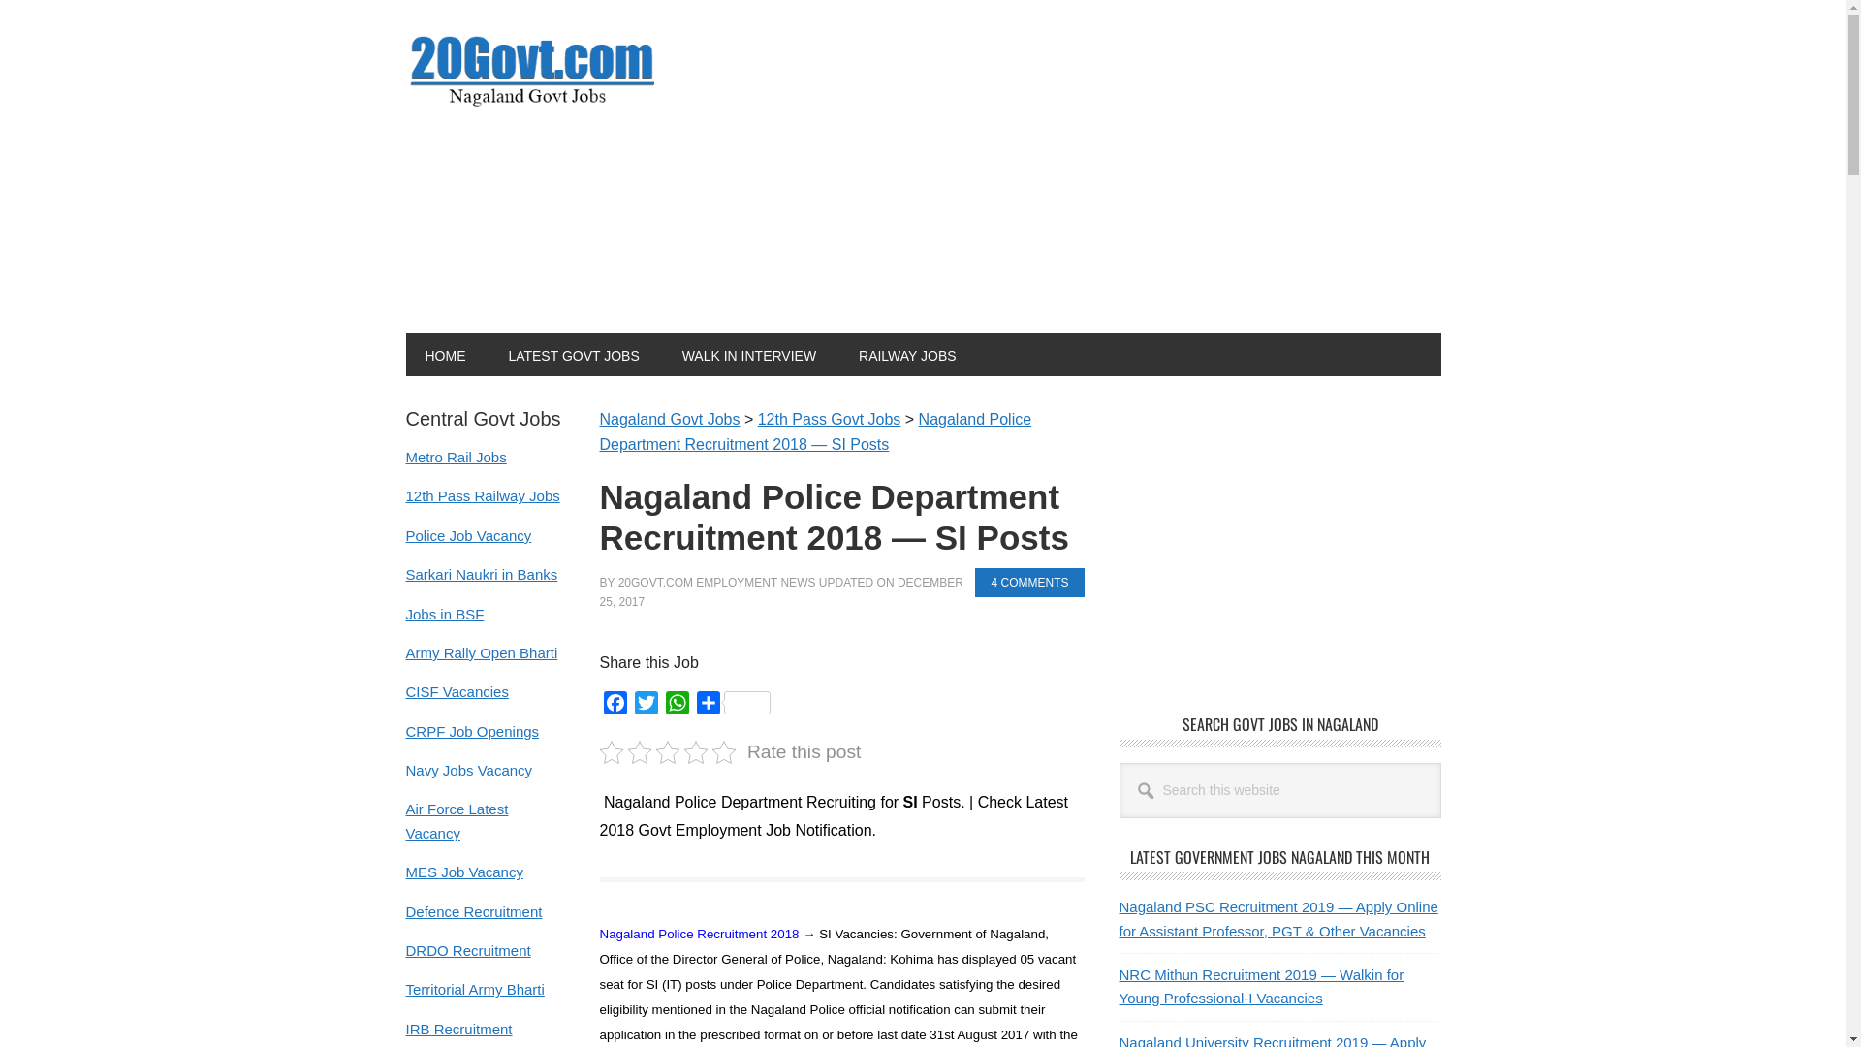 The width and height of the screenshot is (1861, 1047). Describe the element at coordinates (1280, 542) in the screenshot. I see `'Advertisement'` at that location.